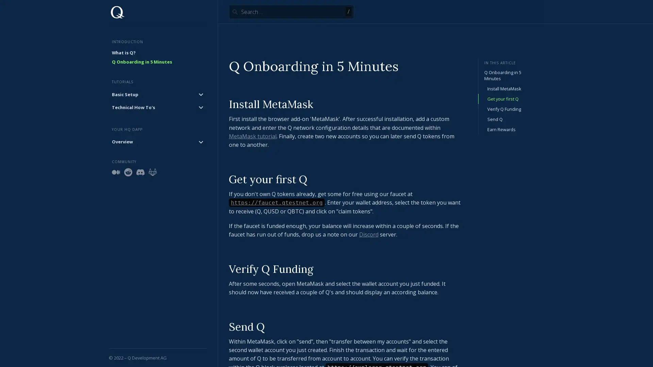  What do you see at coordinates (157, 94) in the screenshot?
I see `Basic Setup` at bounding box center [157, 94].